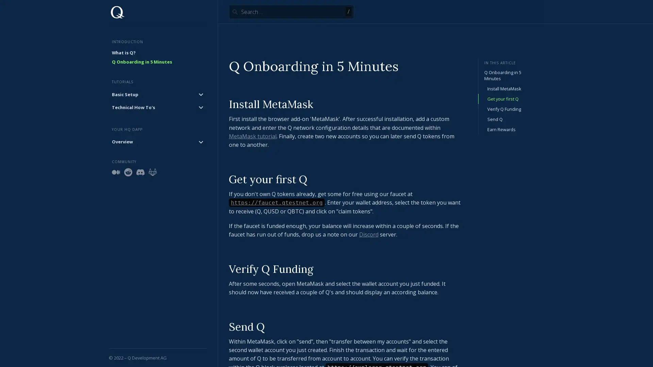  What do you see at coordinates (157, 94) in the screenshot?
I see `Basic Setup` at bounding box center [157, 94].